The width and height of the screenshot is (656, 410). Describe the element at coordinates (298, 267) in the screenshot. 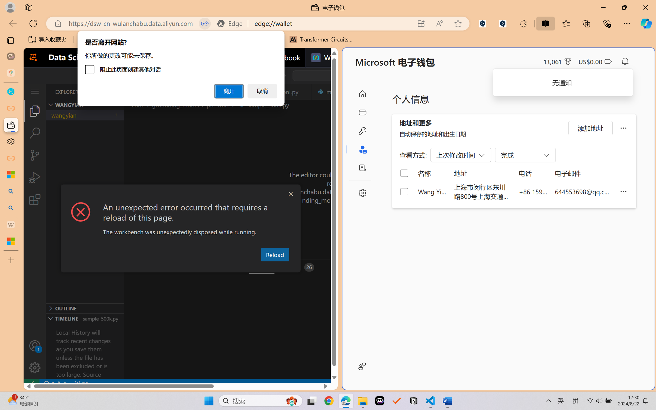

I see `'Ports - 26 forwarded ports'` at that location.